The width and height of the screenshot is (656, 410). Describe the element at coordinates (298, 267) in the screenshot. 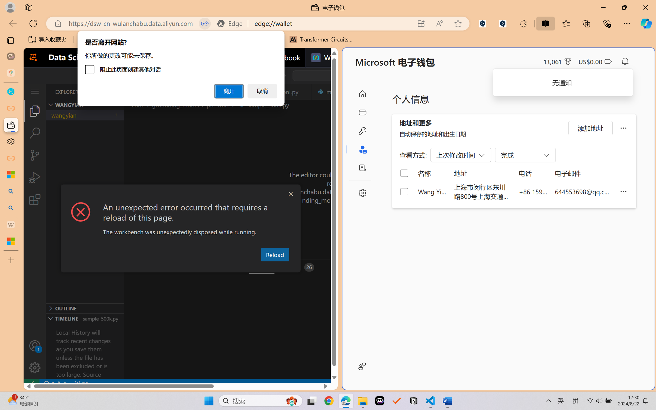

I see `'Ports - 26 forwarded ports'` at that location.